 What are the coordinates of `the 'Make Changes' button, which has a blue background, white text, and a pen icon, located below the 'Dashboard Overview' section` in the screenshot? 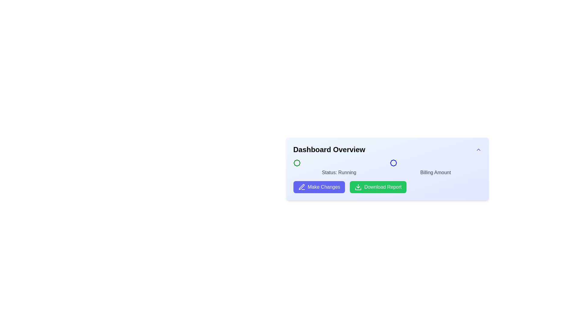 It's located at (319, 187).